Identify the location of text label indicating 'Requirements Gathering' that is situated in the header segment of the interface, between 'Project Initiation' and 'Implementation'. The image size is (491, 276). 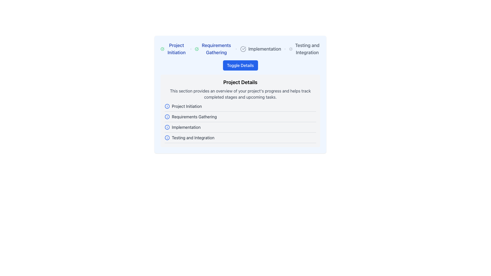
(216, 49).